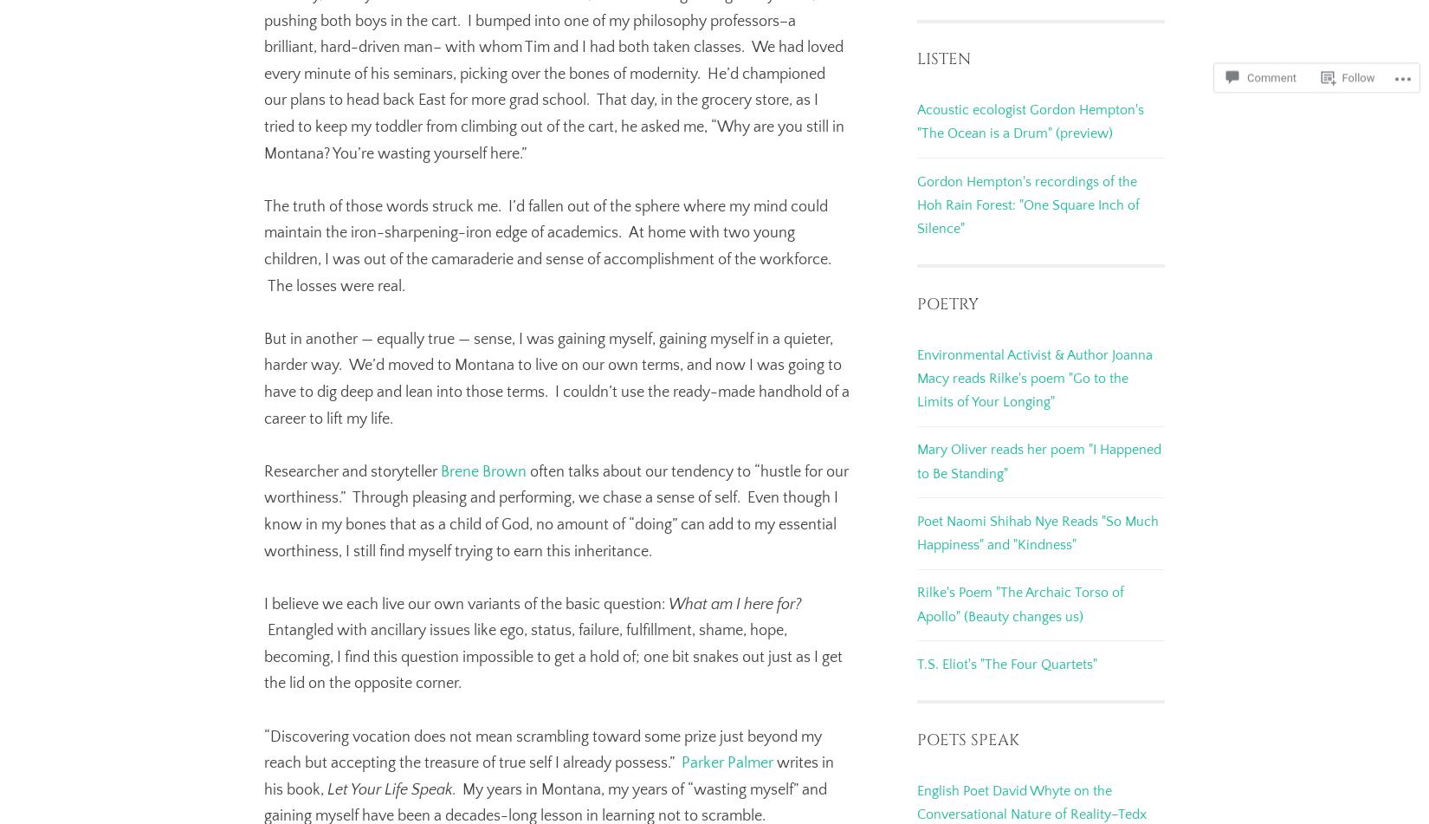  I want to click on 'Poet Naomi Shihab Nye Reads "So Much Happiness" and "Kindness"', so click(1038, 532).